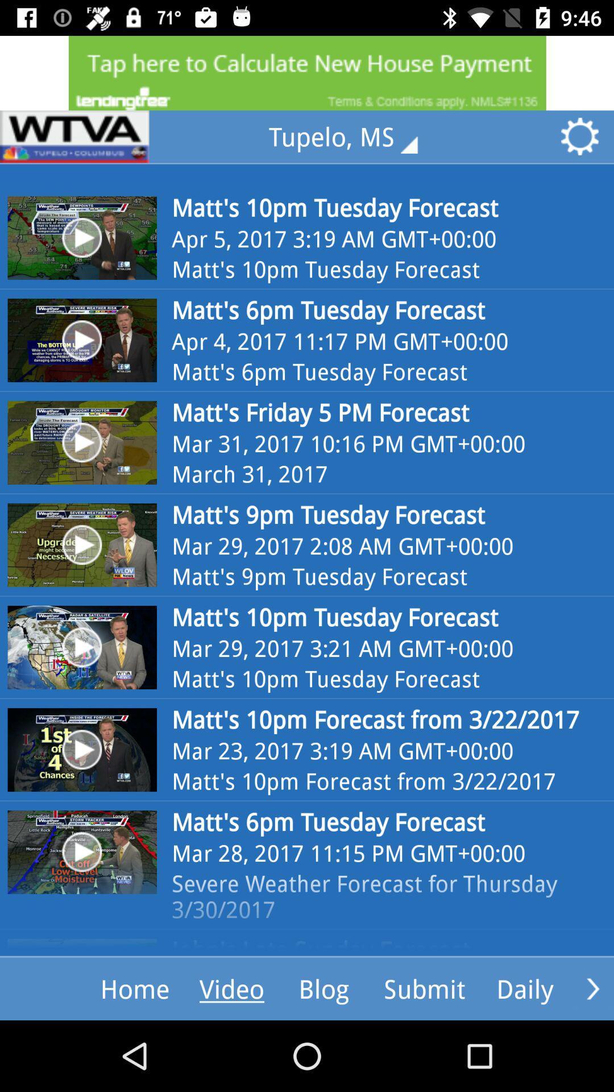 The image size is (614, 1092). Describe the element at coordinates (74, 136) in the screenshot. I see `icon next to the tupelo, ms` at that location.